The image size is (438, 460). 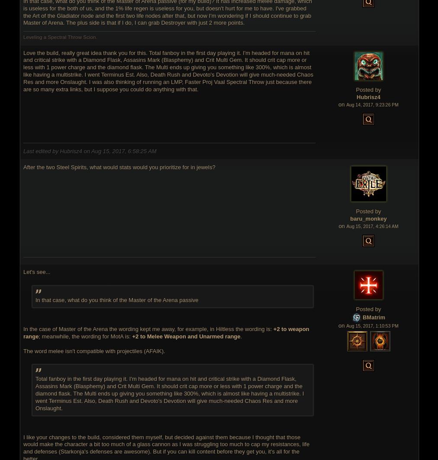 I want to click on 'The word melee isn't compatible with projectiles (AFAIK).', so click(x=23, y=350).